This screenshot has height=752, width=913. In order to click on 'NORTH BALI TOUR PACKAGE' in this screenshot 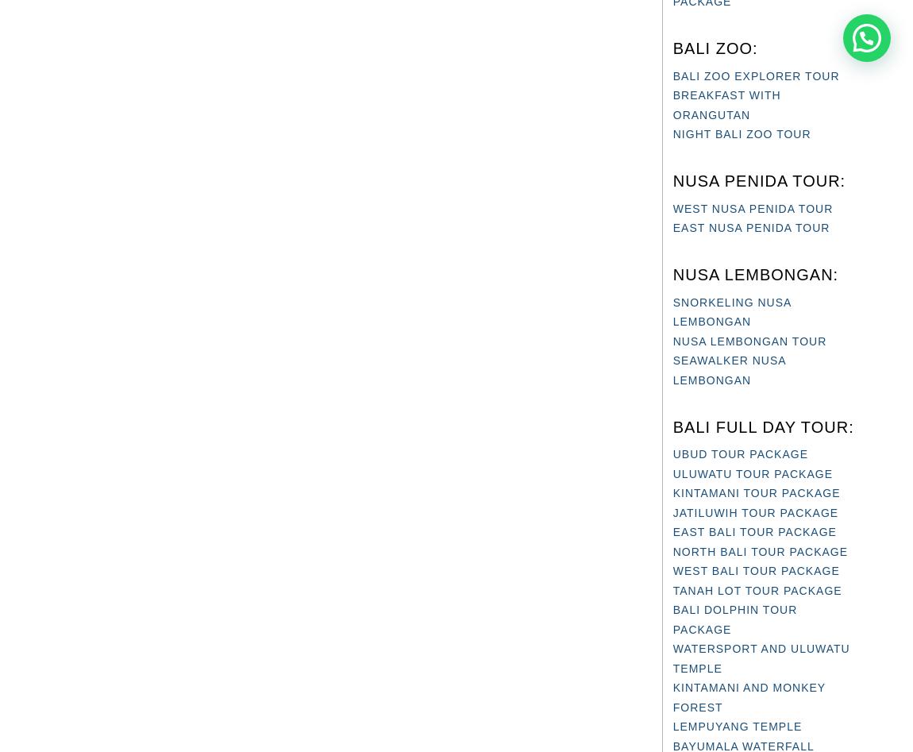, I will do `click(671, 550)`.